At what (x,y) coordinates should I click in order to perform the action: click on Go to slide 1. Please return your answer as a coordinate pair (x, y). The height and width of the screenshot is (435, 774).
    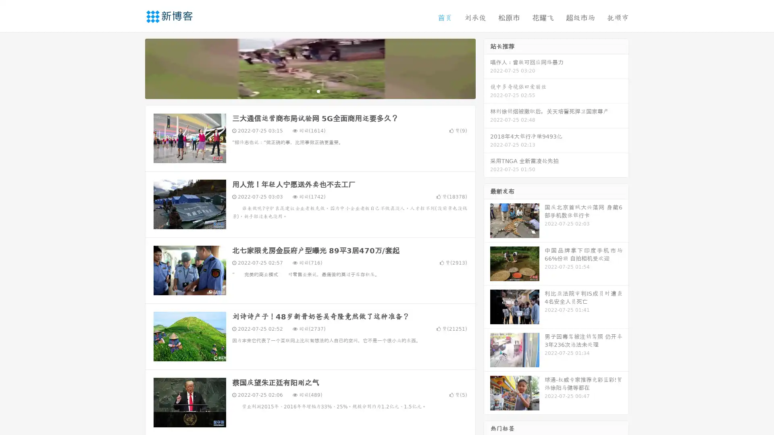
    Looking at the image, I should click on (302, 91).